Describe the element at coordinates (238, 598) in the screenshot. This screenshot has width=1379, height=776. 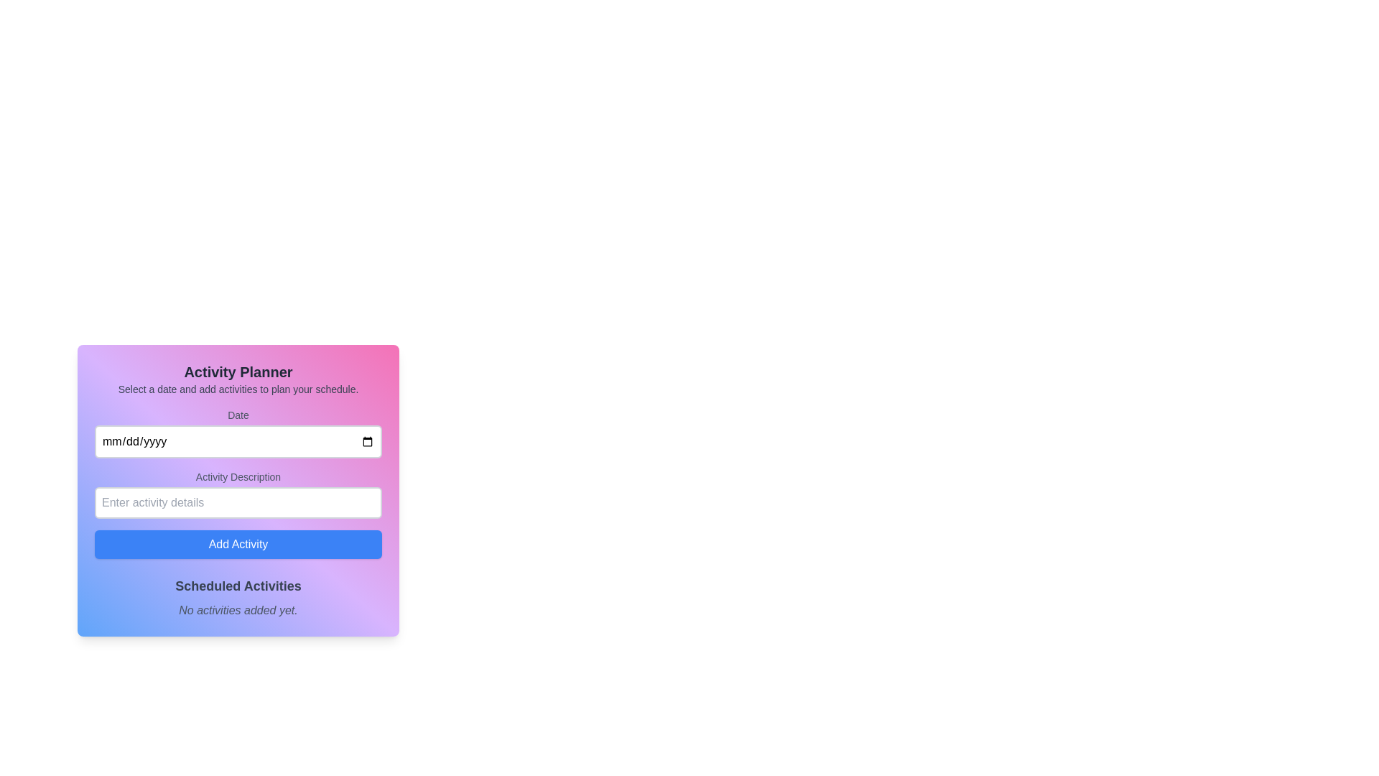
I see `the 'Scheduled Activities' text section, which displays 'No activities added yet.'` at that location.